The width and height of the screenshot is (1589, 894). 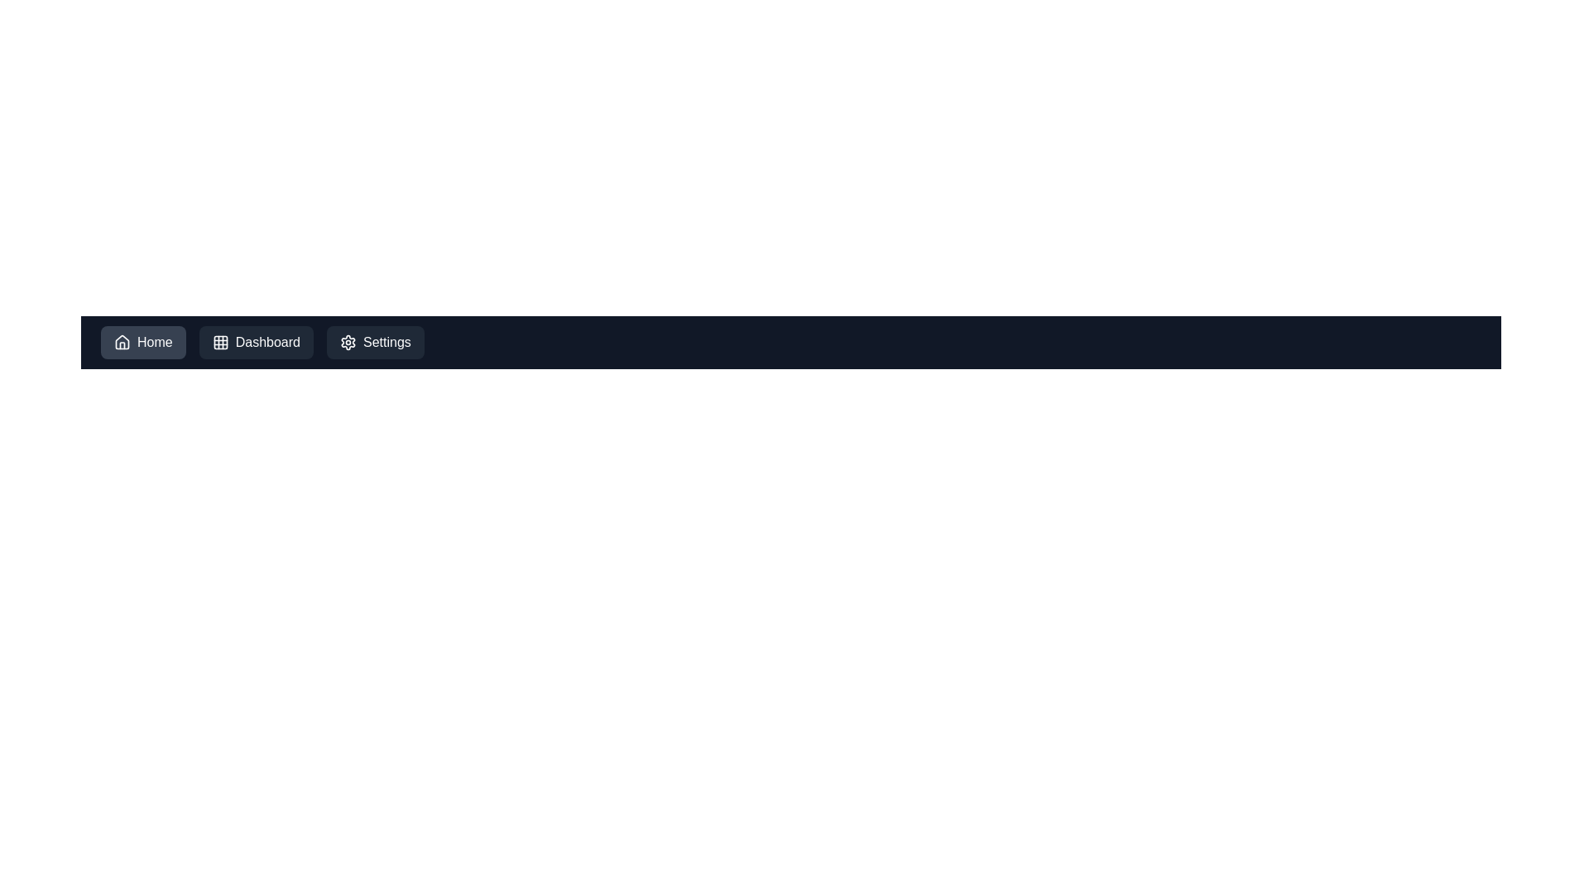 I want to click on the 'Dashboard' button, which is a rounded rectangular button styled in dark gray with white text and icon, located centrally in the top bar between the 'Home' and 'Settings' buttons, so click(x=255, y=341).